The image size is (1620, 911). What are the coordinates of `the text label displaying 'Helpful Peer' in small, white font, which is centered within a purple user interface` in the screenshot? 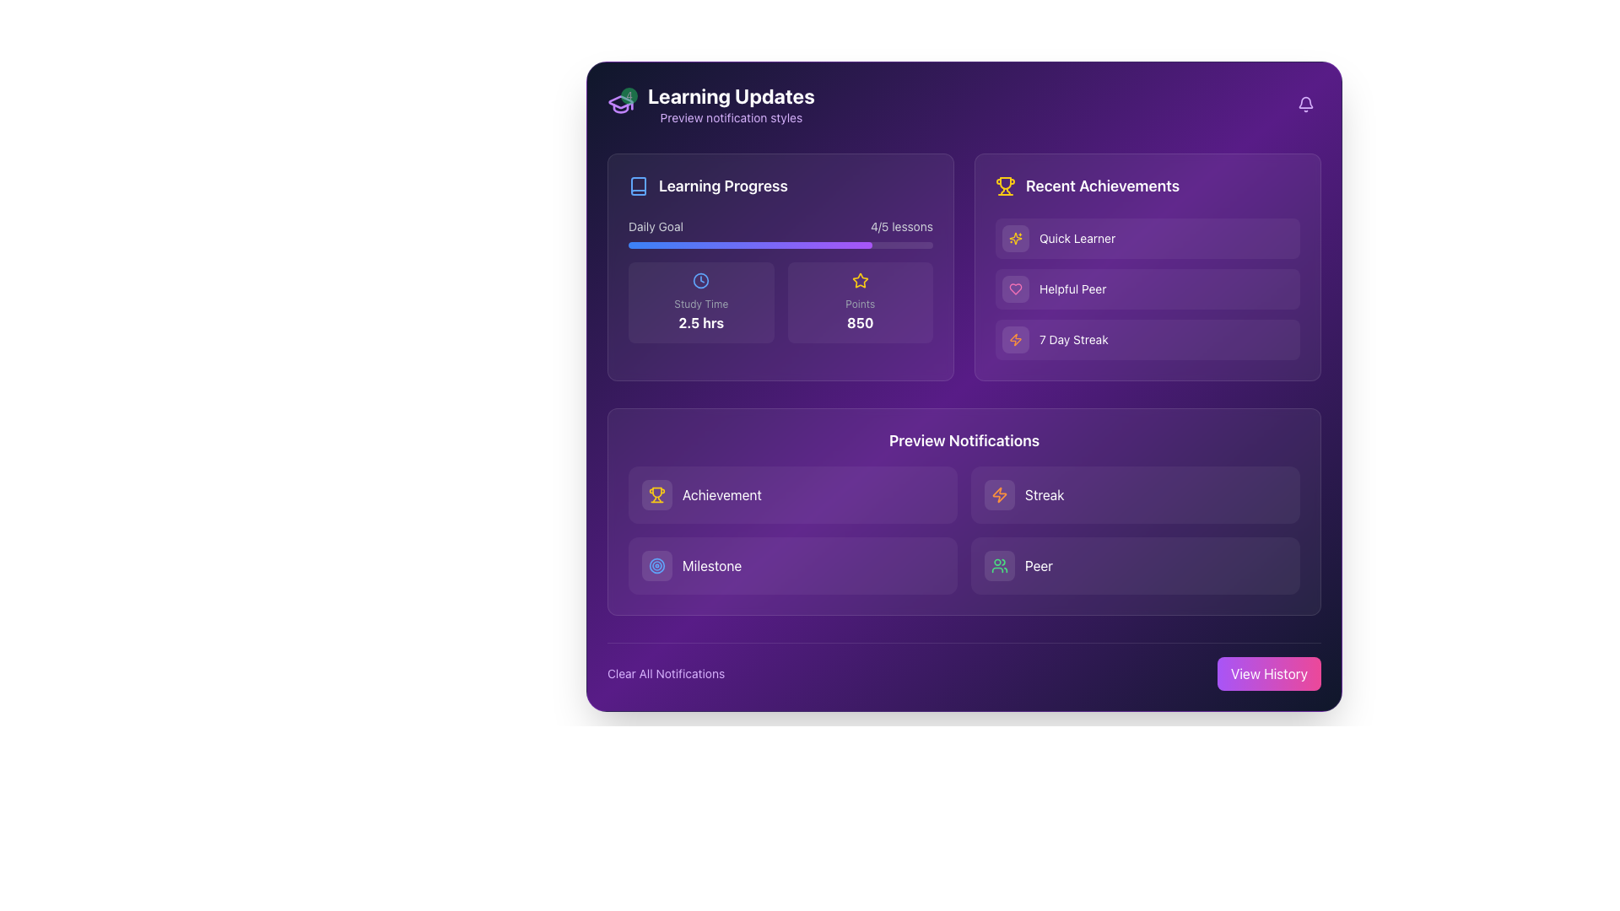 It's located at (1072, 288).